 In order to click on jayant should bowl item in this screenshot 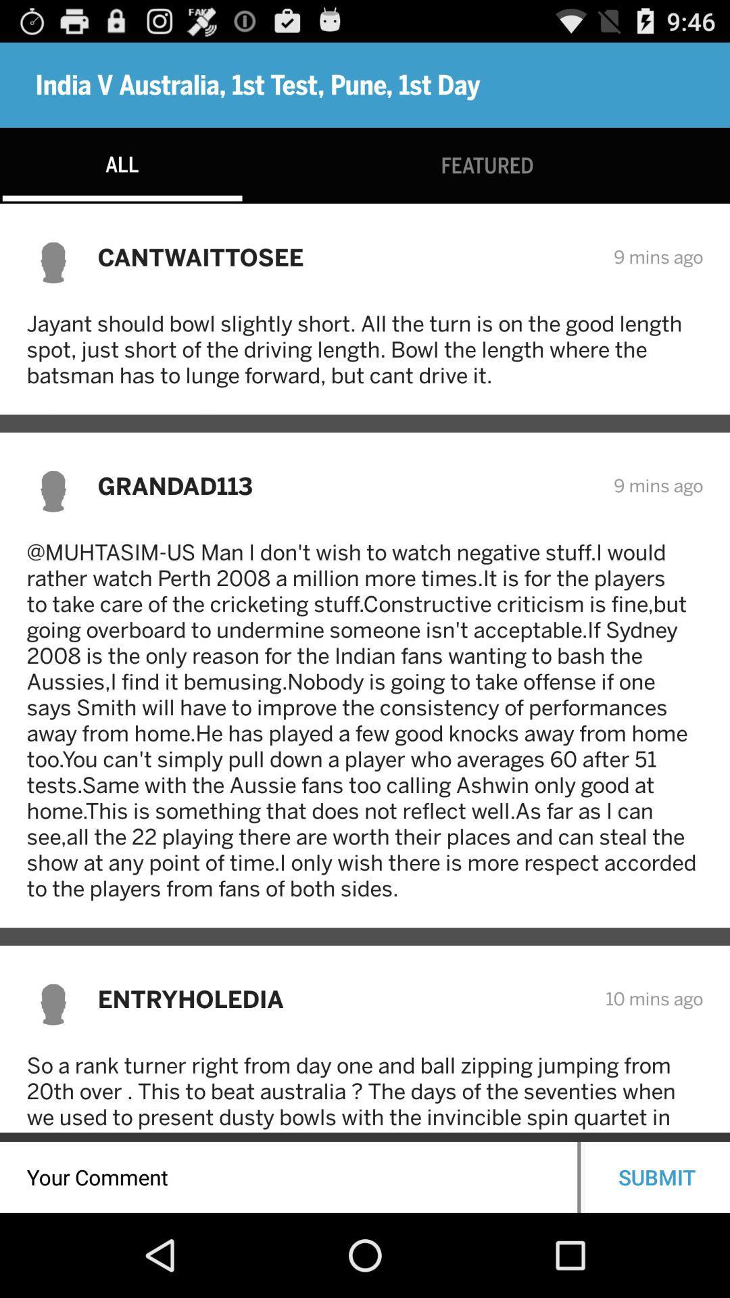, I will do `click(365, 349)`.